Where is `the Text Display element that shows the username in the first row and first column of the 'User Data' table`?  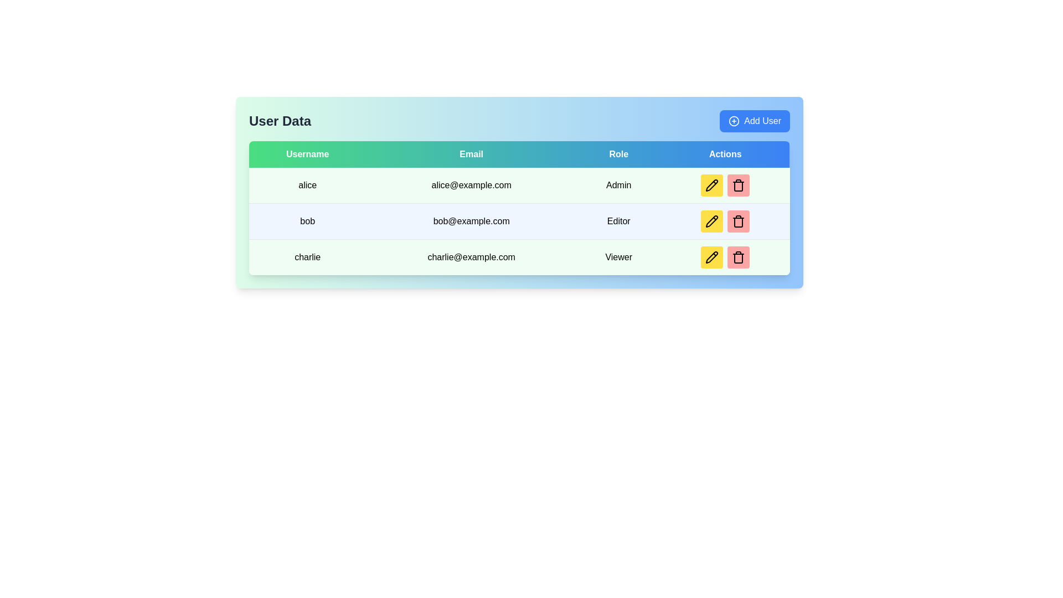
the Text Display element that shows the username in the first row and first column of the 'User Data' table is located at coordinates (307, 185).